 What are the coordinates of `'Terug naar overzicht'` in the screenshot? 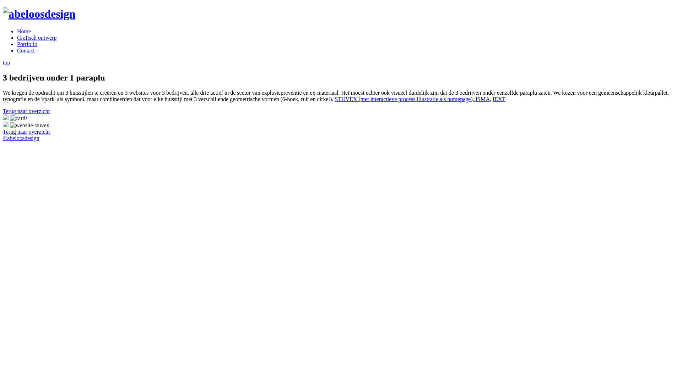 It's located at (26, 132).